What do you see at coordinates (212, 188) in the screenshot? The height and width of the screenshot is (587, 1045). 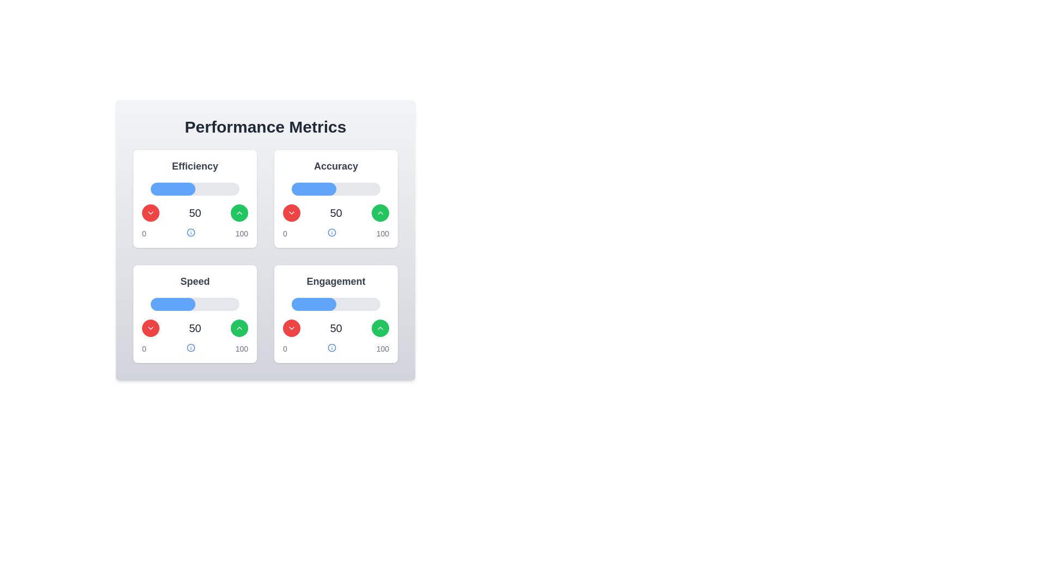 I see `the efficiency value` at bounding box center [212, 188].